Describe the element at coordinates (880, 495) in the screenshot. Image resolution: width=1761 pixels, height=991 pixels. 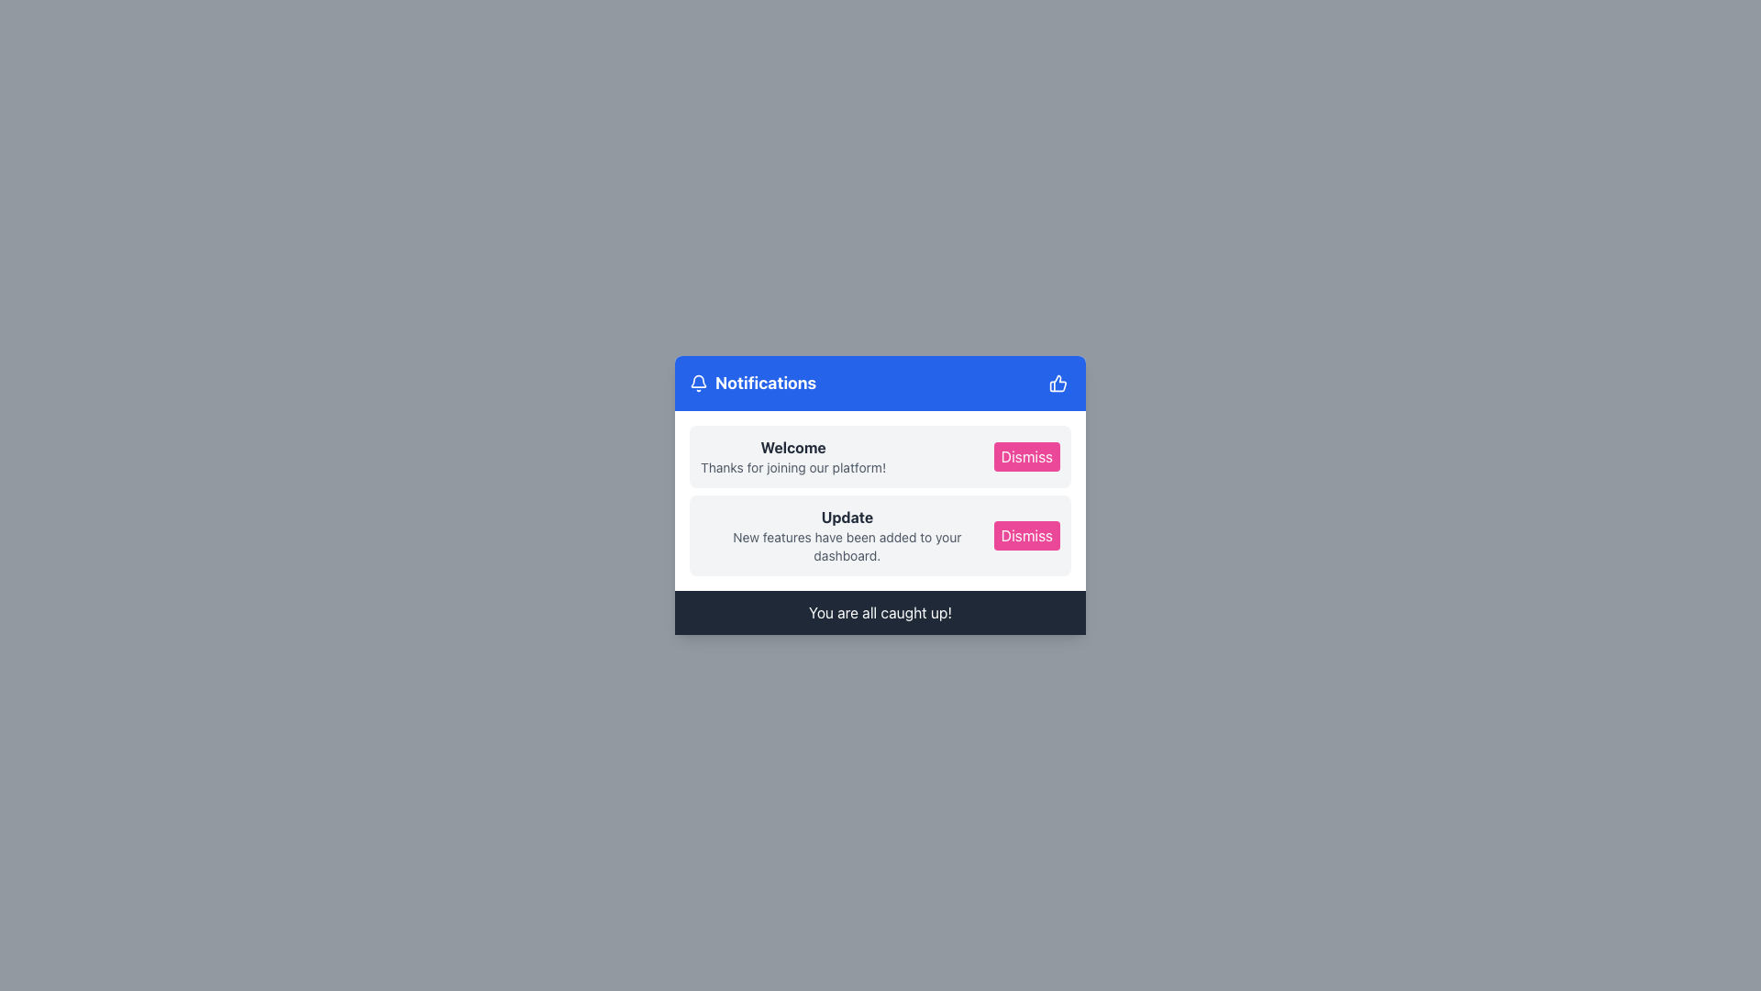
I see `the headings in the modal notification panel that displays notifications to the user` at that location.